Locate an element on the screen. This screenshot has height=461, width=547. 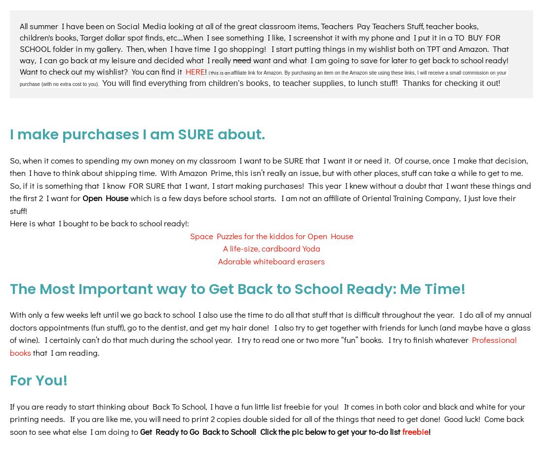
'Here is what I bought to be back to school ready!:' is located at coordinates (99, 139).